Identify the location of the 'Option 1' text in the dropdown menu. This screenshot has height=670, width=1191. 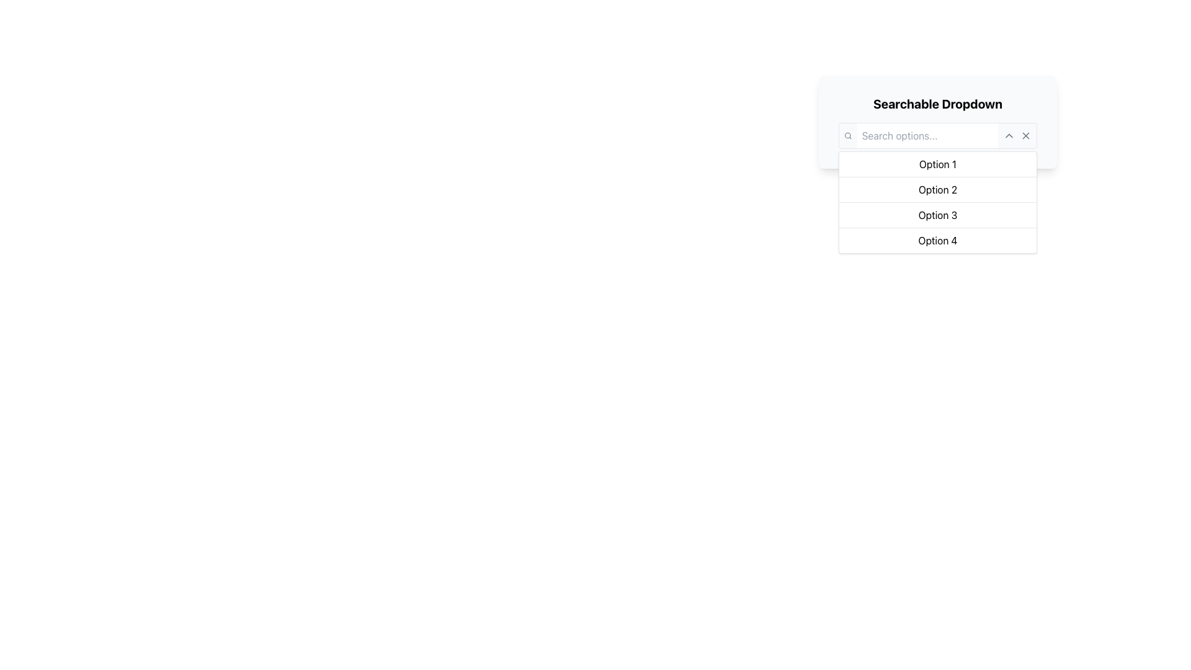
(938, 164).